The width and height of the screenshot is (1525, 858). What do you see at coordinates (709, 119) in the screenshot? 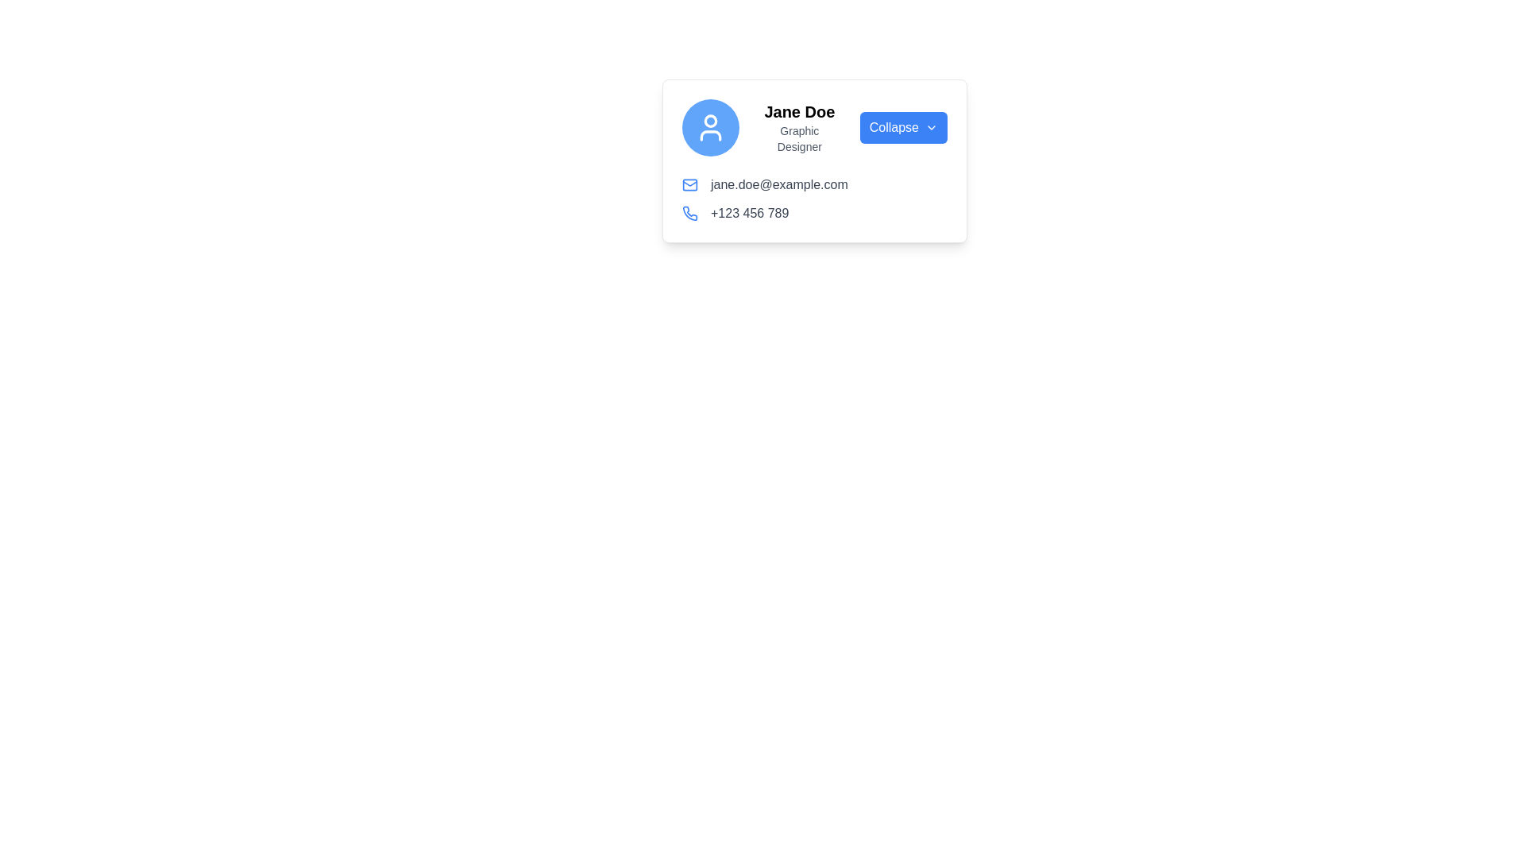
I see `the SVG circle element that visually represents the head of the user icon within the profile badge` at bounding box center [709, 119].